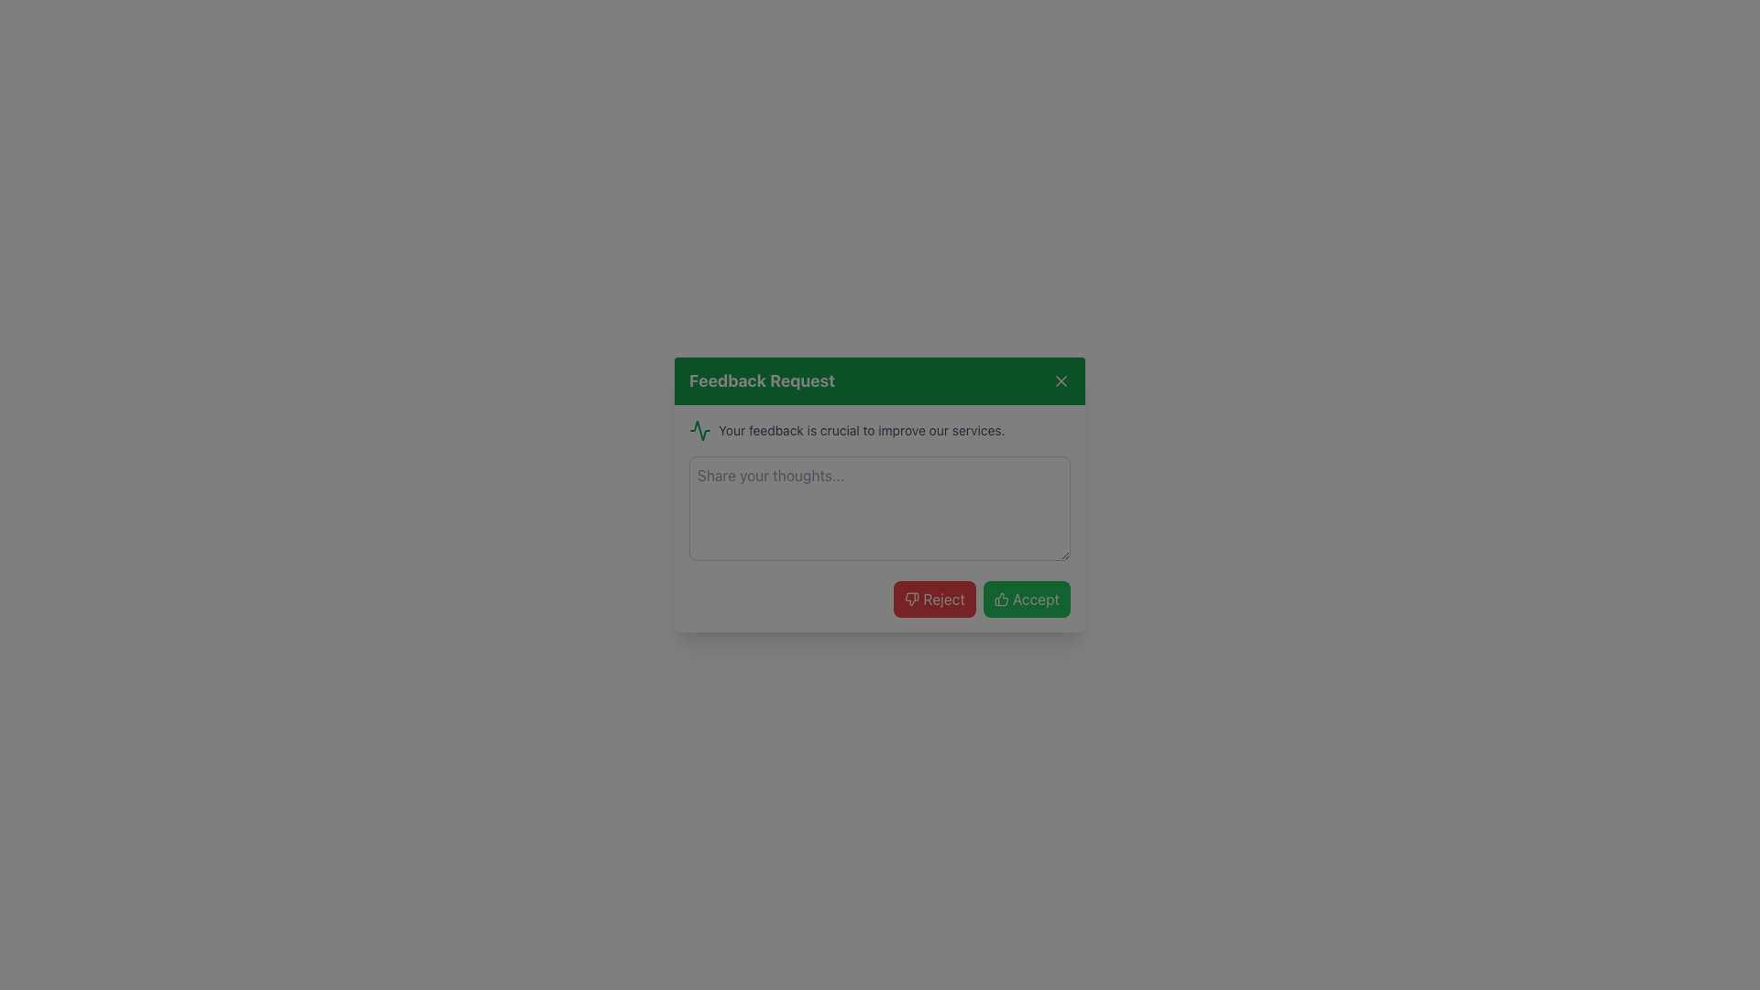  Describe the element at coordinates (934, 599) in the screenshot. I see `the reject button located at the bottom left of the modal dialog, adjacent to the green 'Accept' button` at that location.